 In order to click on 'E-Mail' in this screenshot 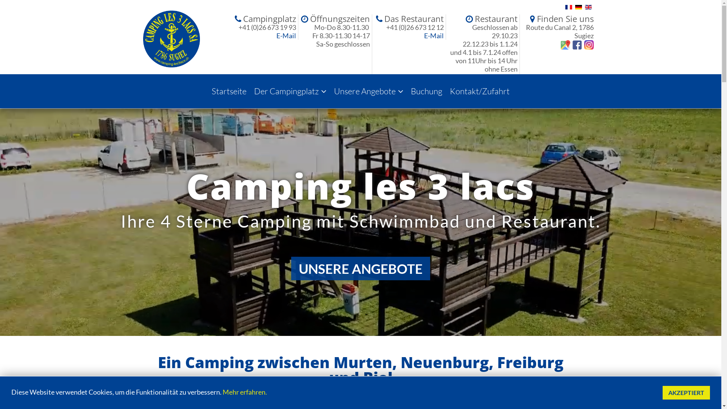, I will do `click(276, 35)`.